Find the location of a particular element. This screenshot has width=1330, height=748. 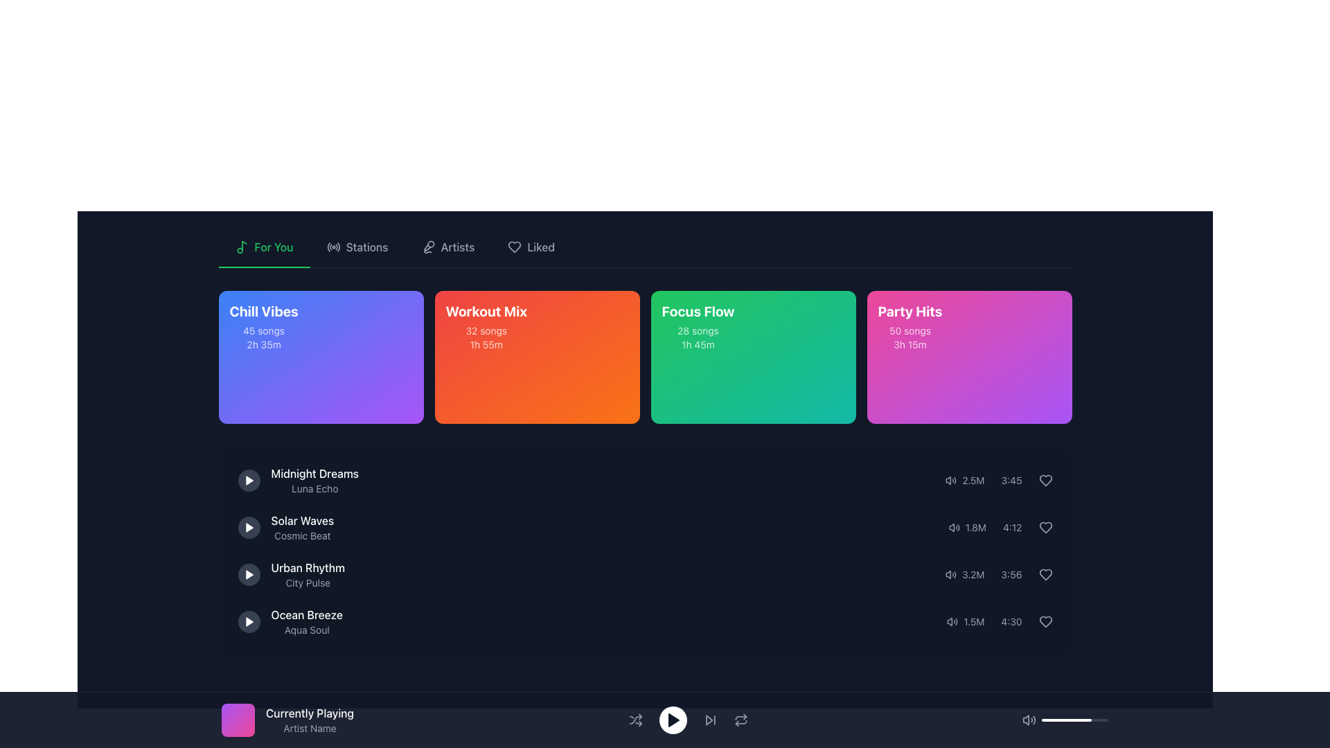

the text label UI component that displays the duration of the associated song, located to the left of the interactive heart icon and right after the numeric label indicating the number of plays is located at coordinates (1011, 621).